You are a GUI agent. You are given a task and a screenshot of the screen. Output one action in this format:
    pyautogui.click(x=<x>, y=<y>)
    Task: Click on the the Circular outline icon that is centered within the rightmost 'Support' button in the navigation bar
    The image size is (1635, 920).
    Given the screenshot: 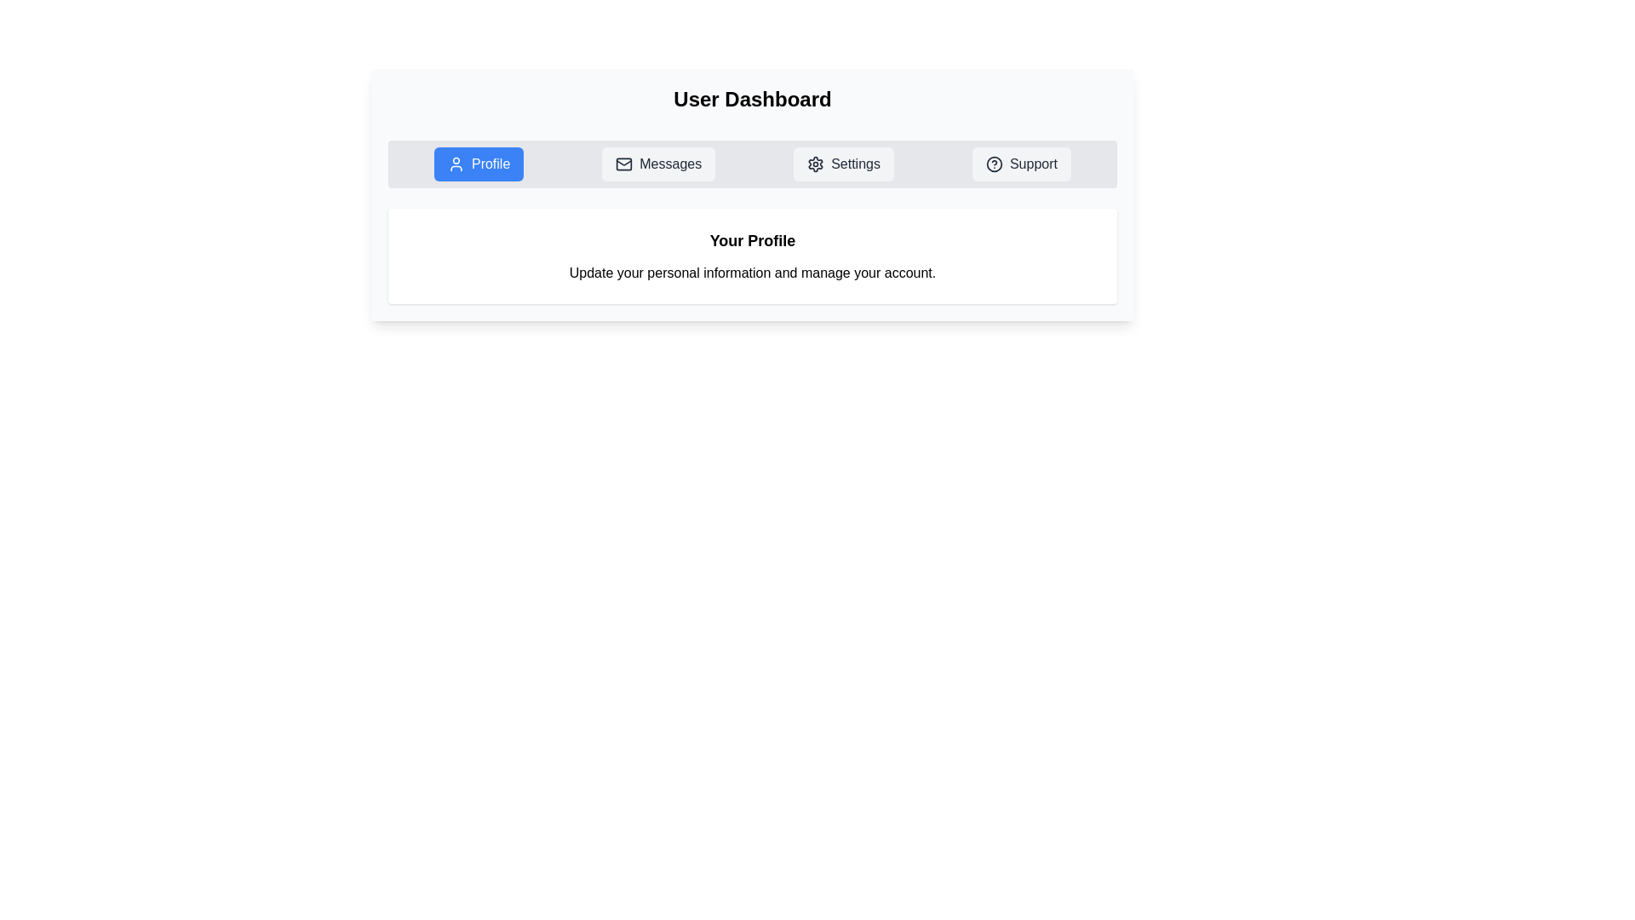 What is the action you would take?
    pyautogui.click(x=994, y=164)
    